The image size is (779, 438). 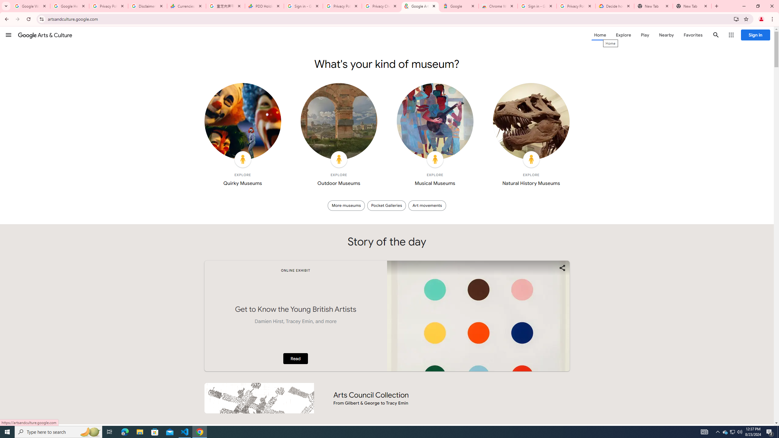 I want to click on 'Arts Council Collection From Gilbert & George to Tracy Emin', so click(x=387, y=398).